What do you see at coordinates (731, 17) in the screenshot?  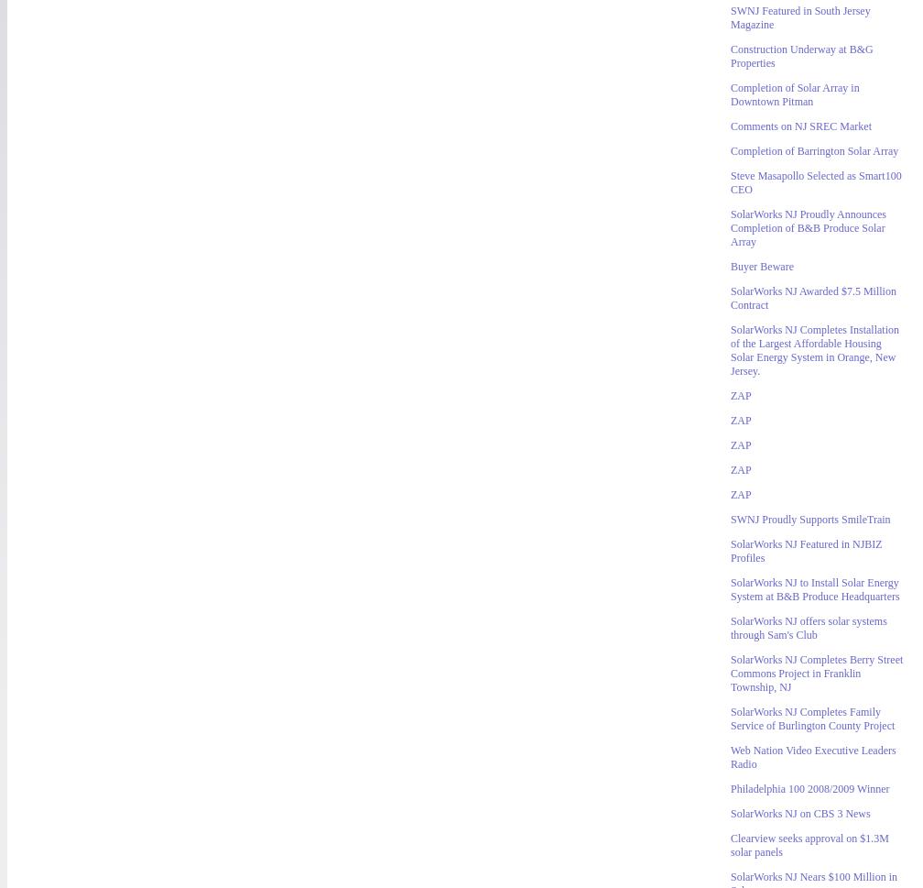 I see `'SWNJ Featured in South Jersey Magazine'` at bounding box center [731, 17].